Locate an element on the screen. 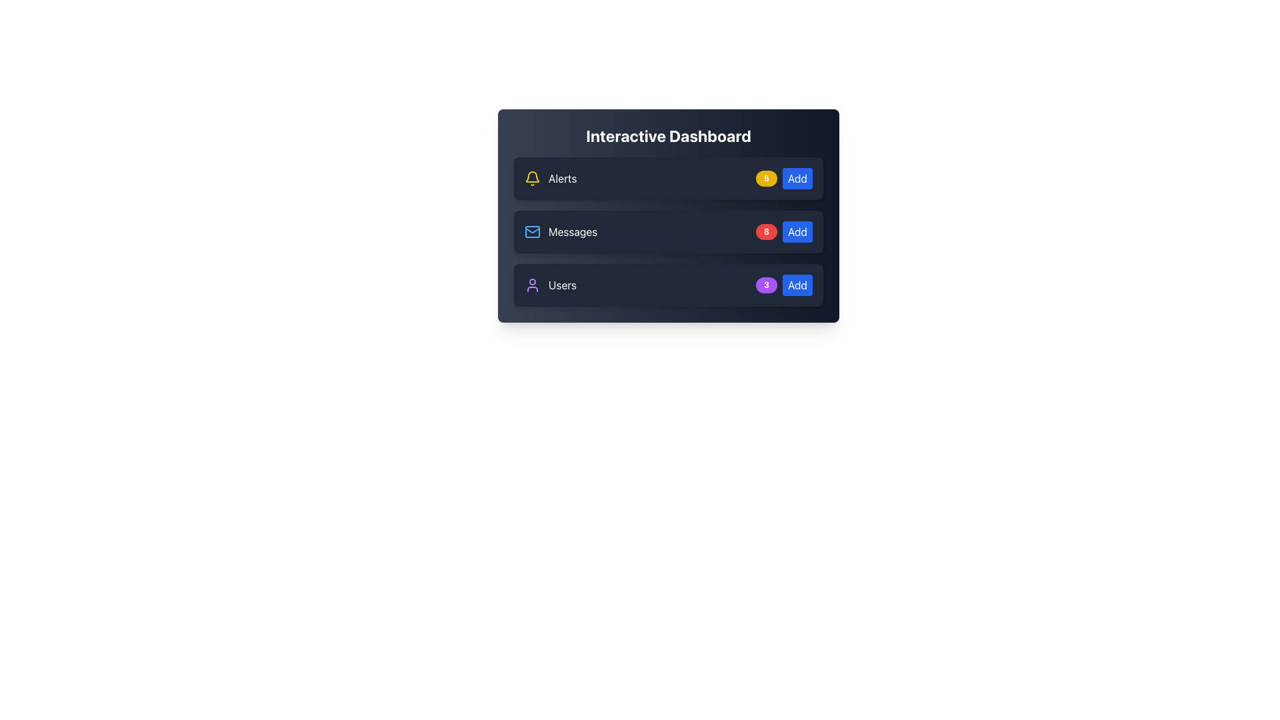 The height and width of the screenshot is (720, 1280). the bright blue rectangular button labeled 'Add' is located at coordinates (797, 177).